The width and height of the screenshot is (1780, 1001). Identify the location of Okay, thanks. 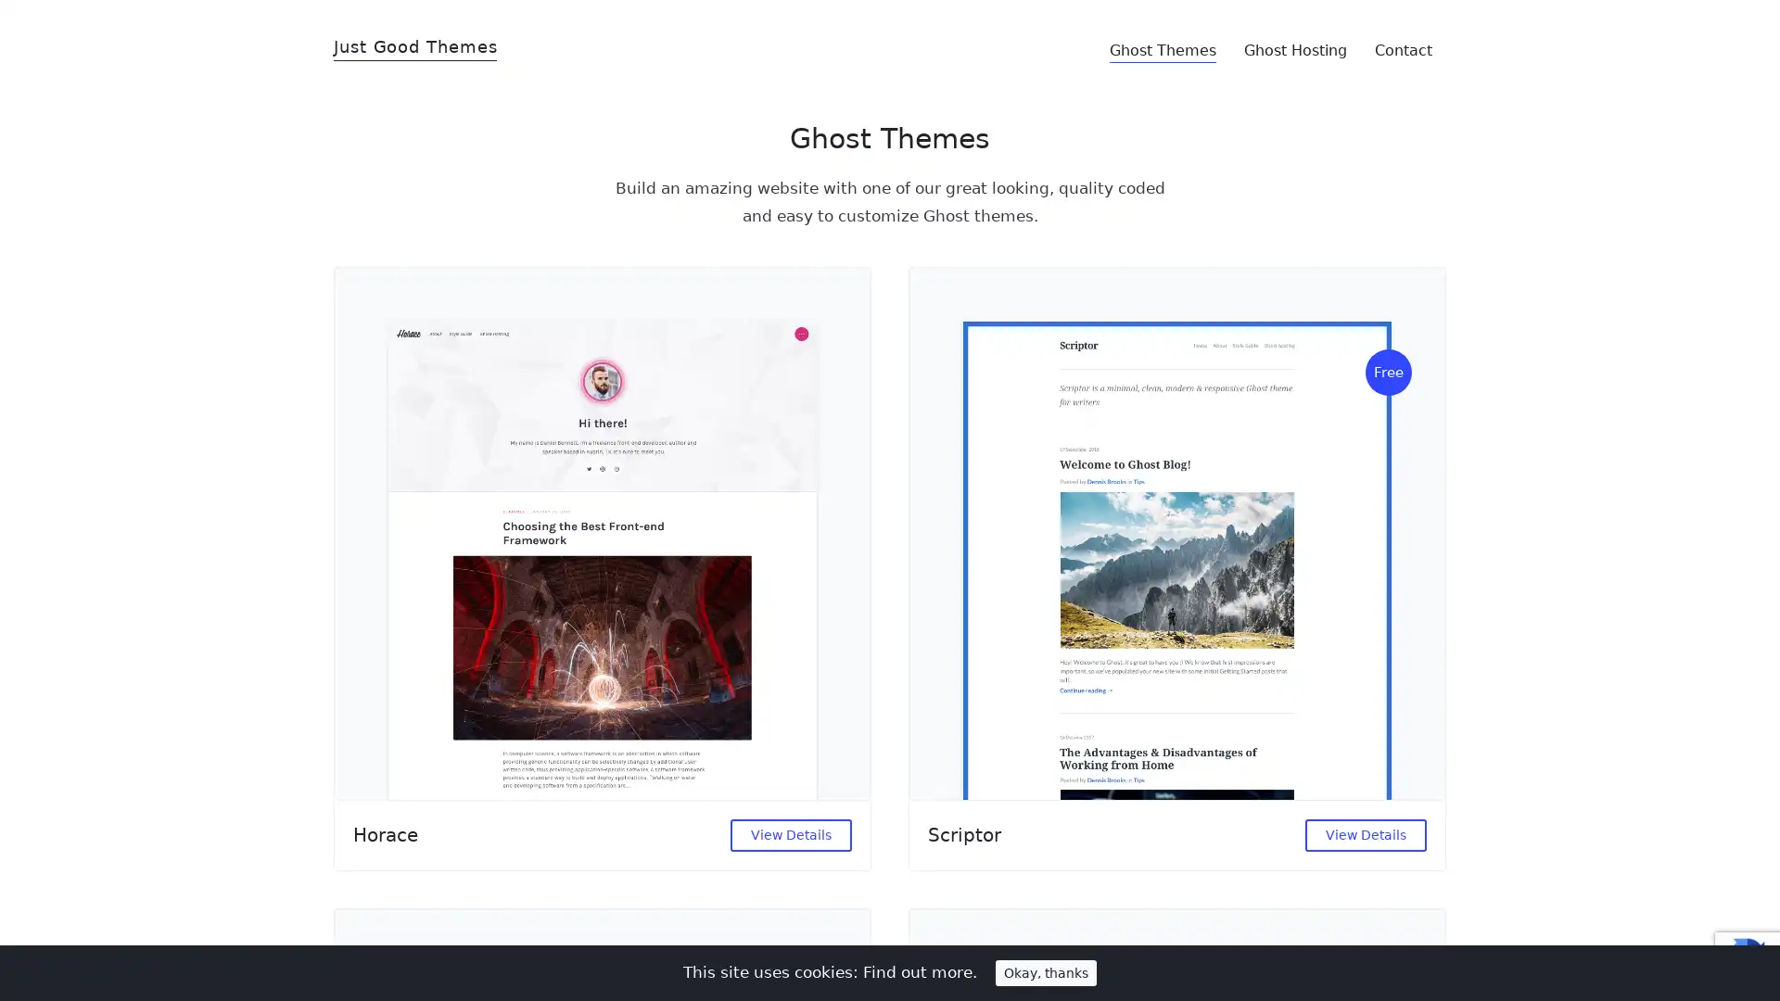
(1046, 971).